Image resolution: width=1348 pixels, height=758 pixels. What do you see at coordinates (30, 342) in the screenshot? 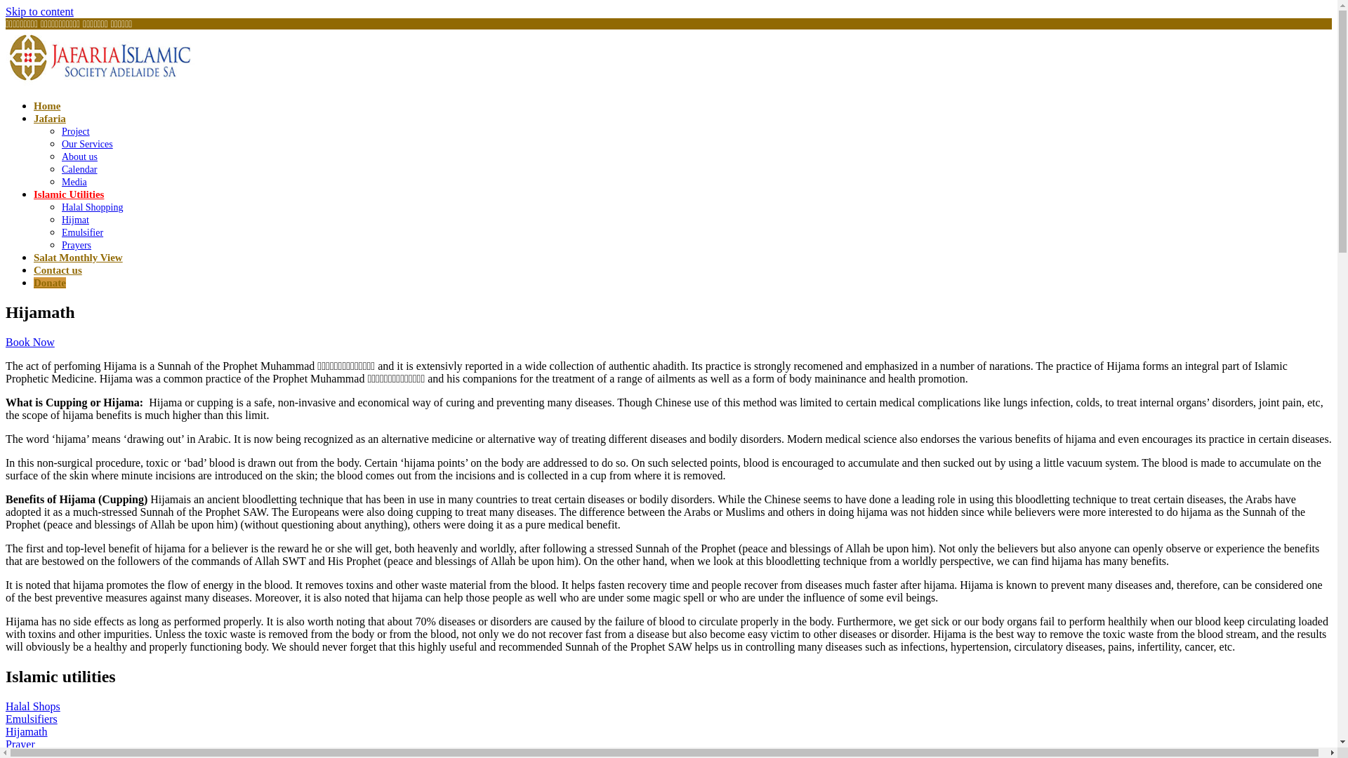
I see `'Book Now'` at bounding box center [30, 342].